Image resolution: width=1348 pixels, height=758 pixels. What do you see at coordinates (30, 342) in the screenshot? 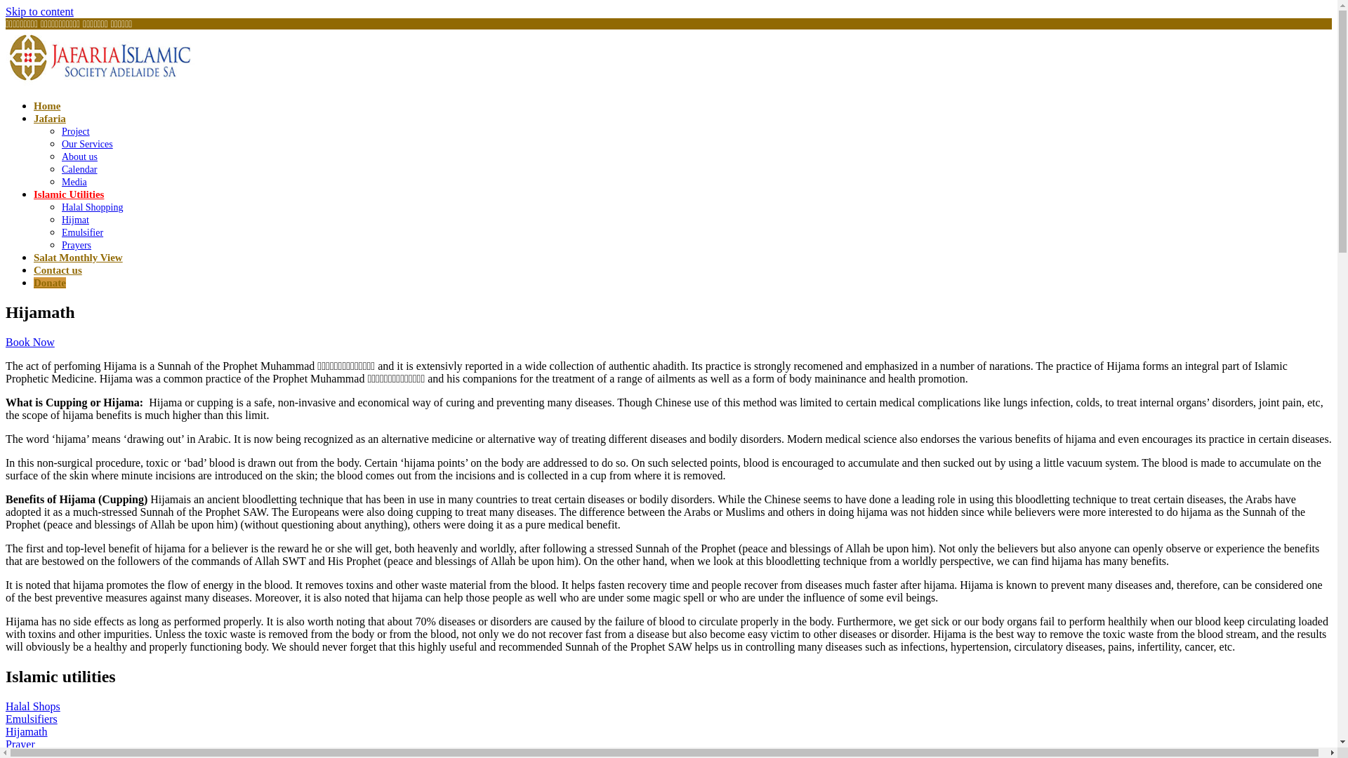
I see `'Book Now'` at bounding box center [30, 342].